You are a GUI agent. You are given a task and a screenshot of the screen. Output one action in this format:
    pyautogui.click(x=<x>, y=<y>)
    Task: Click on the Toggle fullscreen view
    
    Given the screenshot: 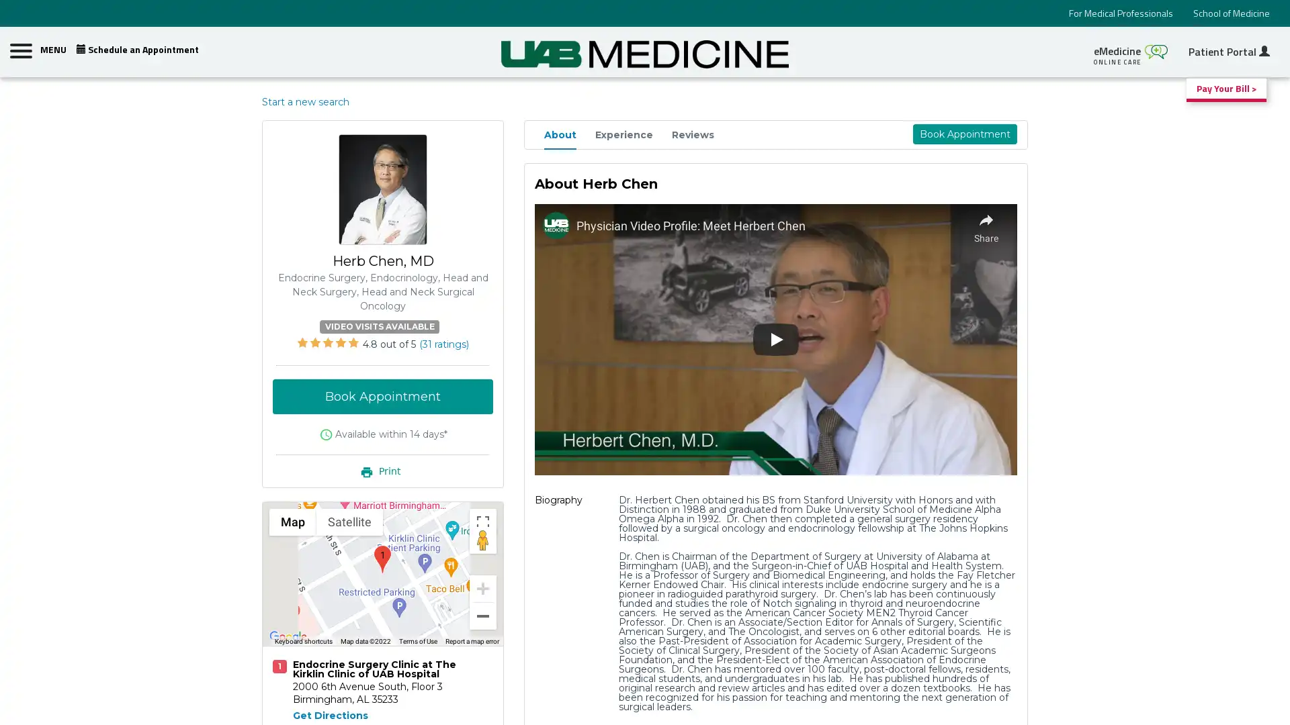 What is the action you would take?
    pyautogui.click(x=483, y=520)
    